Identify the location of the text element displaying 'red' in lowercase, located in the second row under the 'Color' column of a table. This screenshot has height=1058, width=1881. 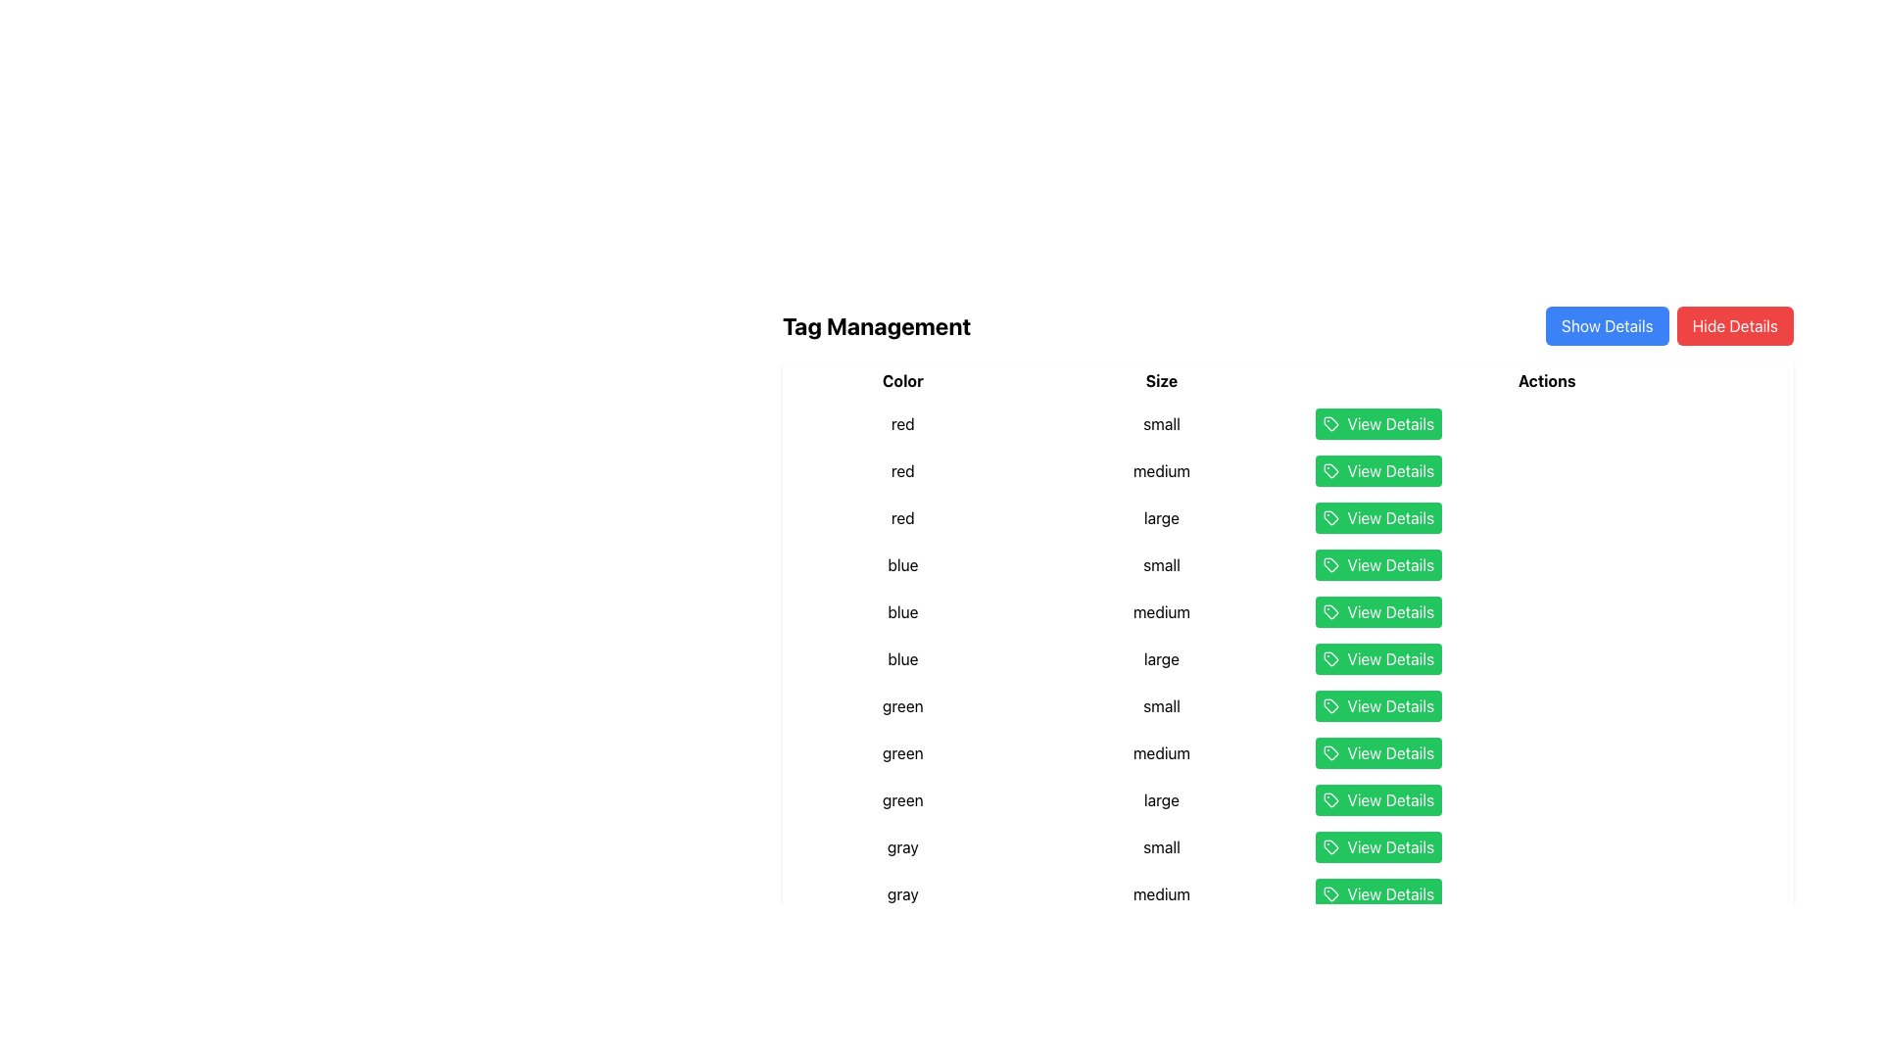
(901, 471).